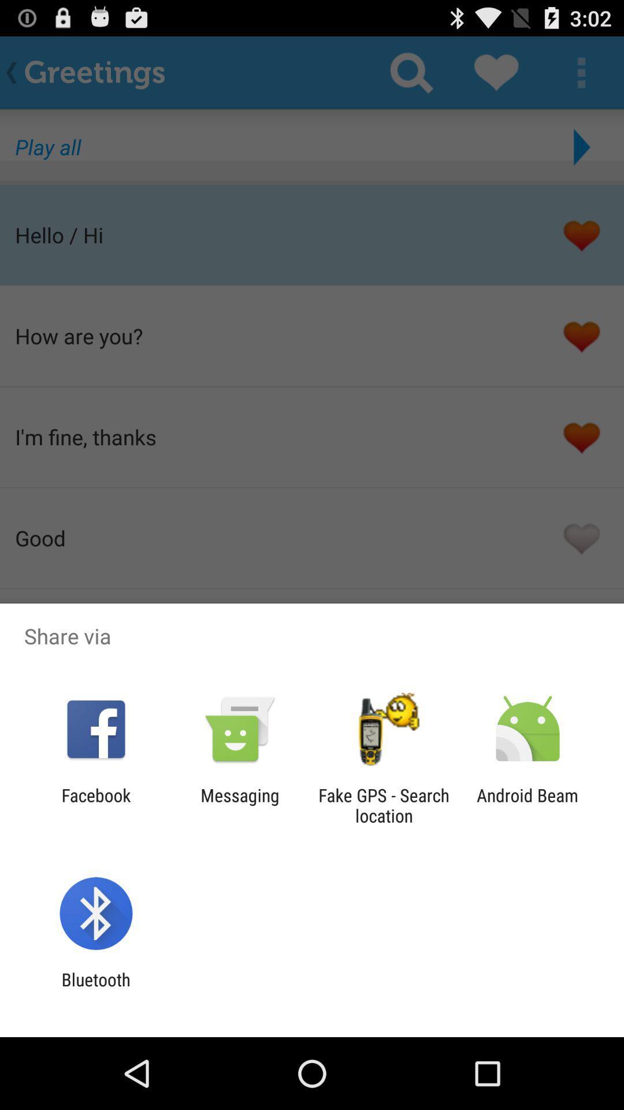  What do you see at coordinates (239, 805) in the screenshot?
I see `app to the right of the facebook icon` at bounding box center [239, 805].